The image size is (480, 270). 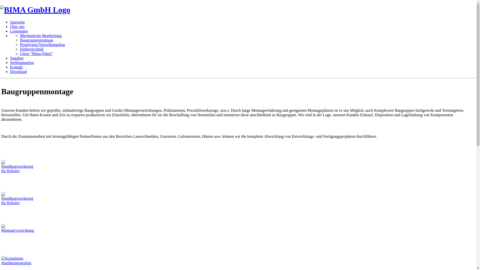 I want to click on 'Zur Startseite', so click(x=35, y=9).